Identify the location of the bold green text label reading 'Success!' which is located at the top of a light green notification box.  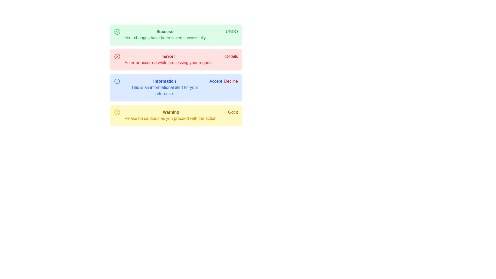
(165, 32).